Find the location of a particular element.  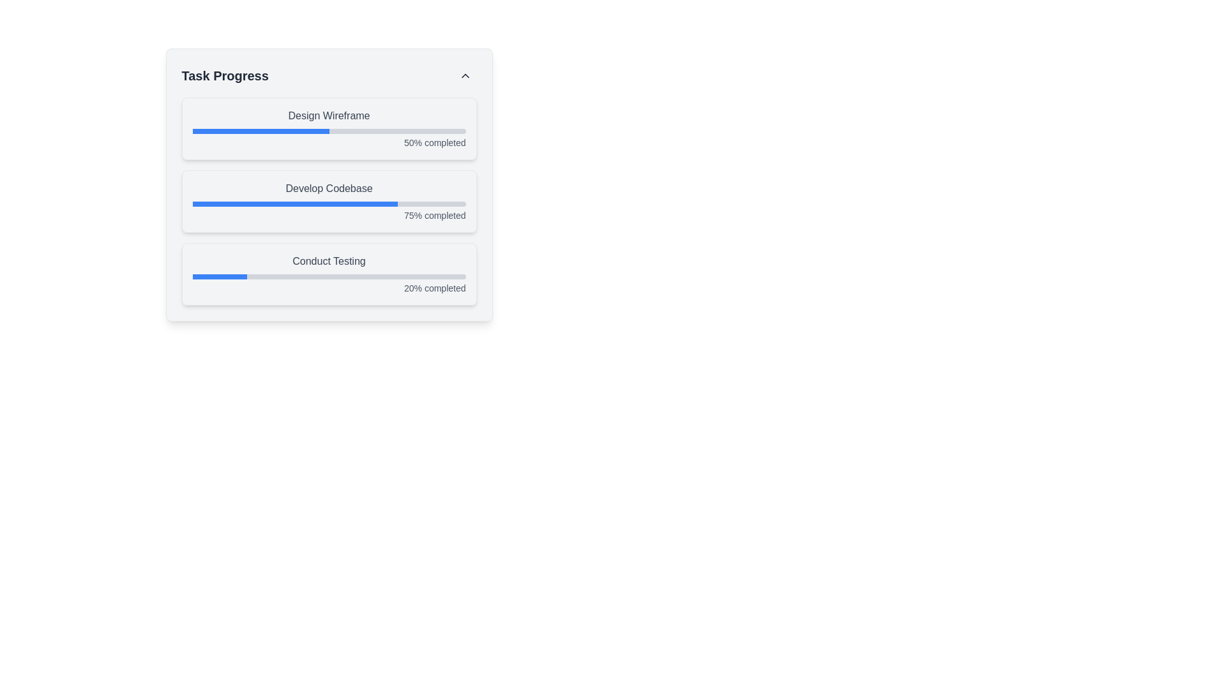

the first progress bar labeled 'Design Wireframe' that visually represents a 50% completion status is located at coordinates (260, 131).